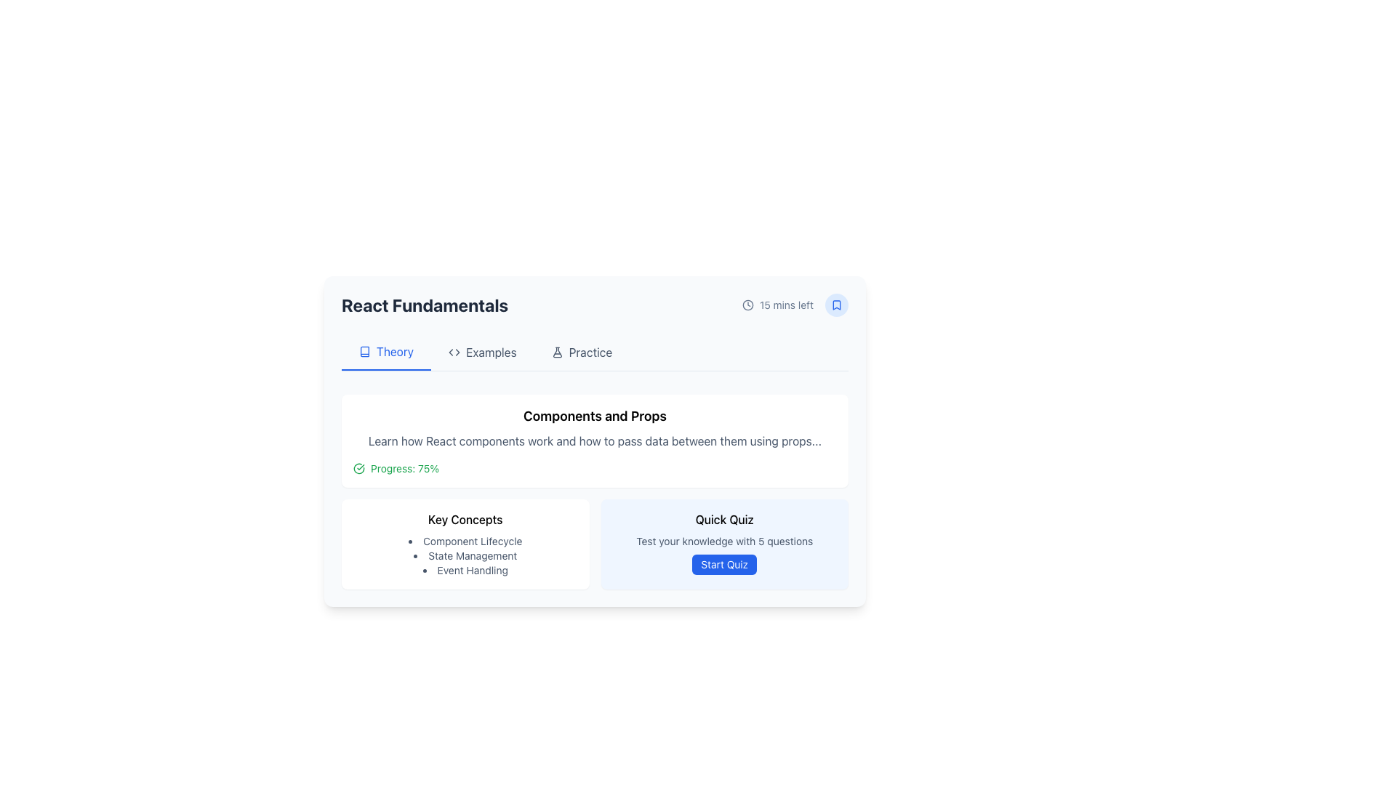 The height and width of the screenshot is (785, 1396). What do you see at coordinates (404, 468) in the screenshot?
I see `the text label displaying 'Progress: 75%' in green color, which is part of the progress information section` at bounding box center [404, 468].